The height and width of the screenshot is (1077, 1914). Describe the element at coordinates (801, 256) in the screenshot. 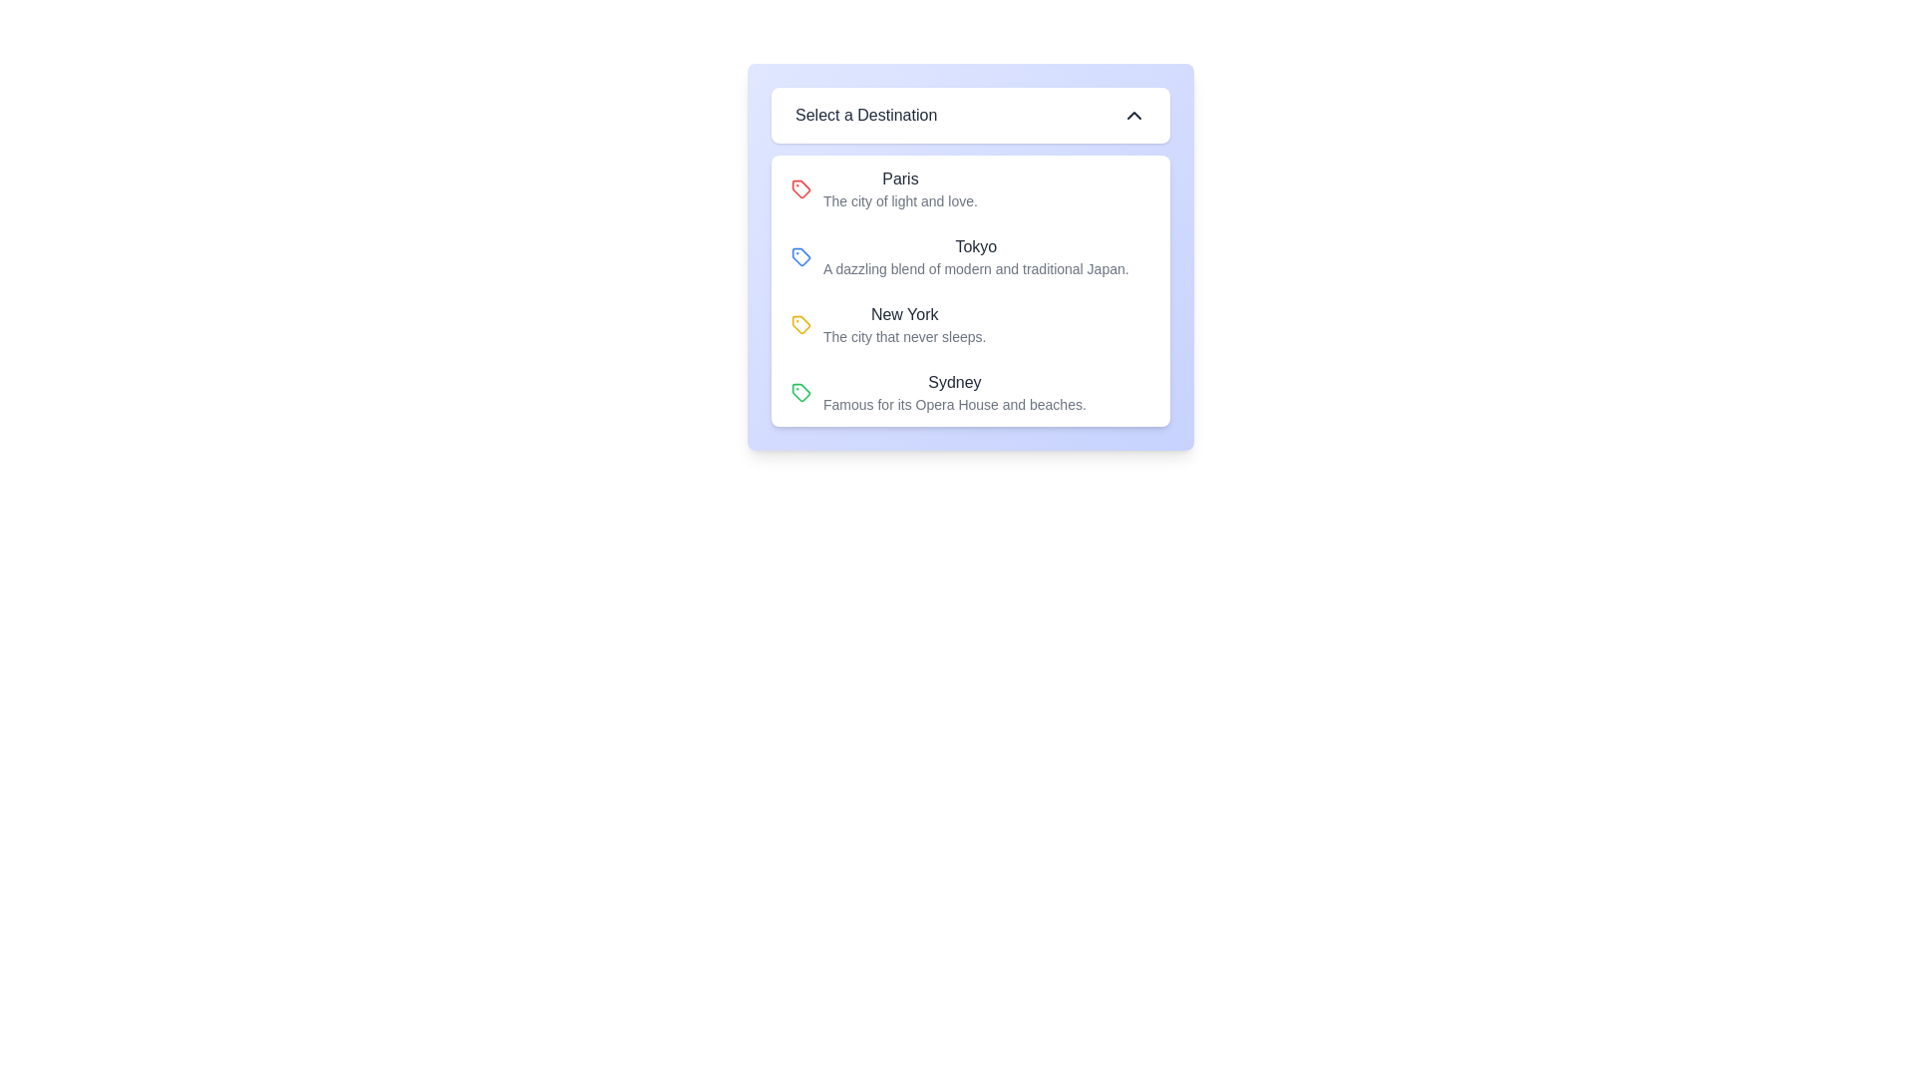

I see `the visual marker icon associated with the 'Tokyo' option in the segmented menu, which is centrally aligned with its text description` at that location.